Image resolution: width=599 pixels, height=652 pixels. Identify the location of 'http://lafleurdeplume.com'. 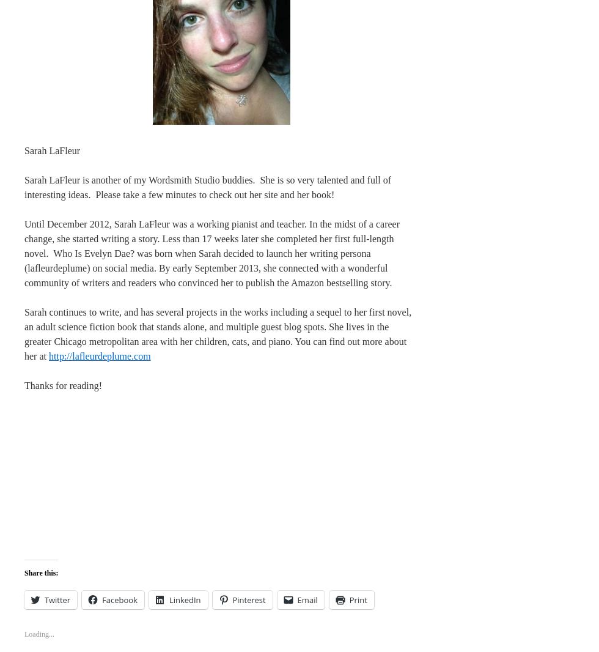
(48, 355).